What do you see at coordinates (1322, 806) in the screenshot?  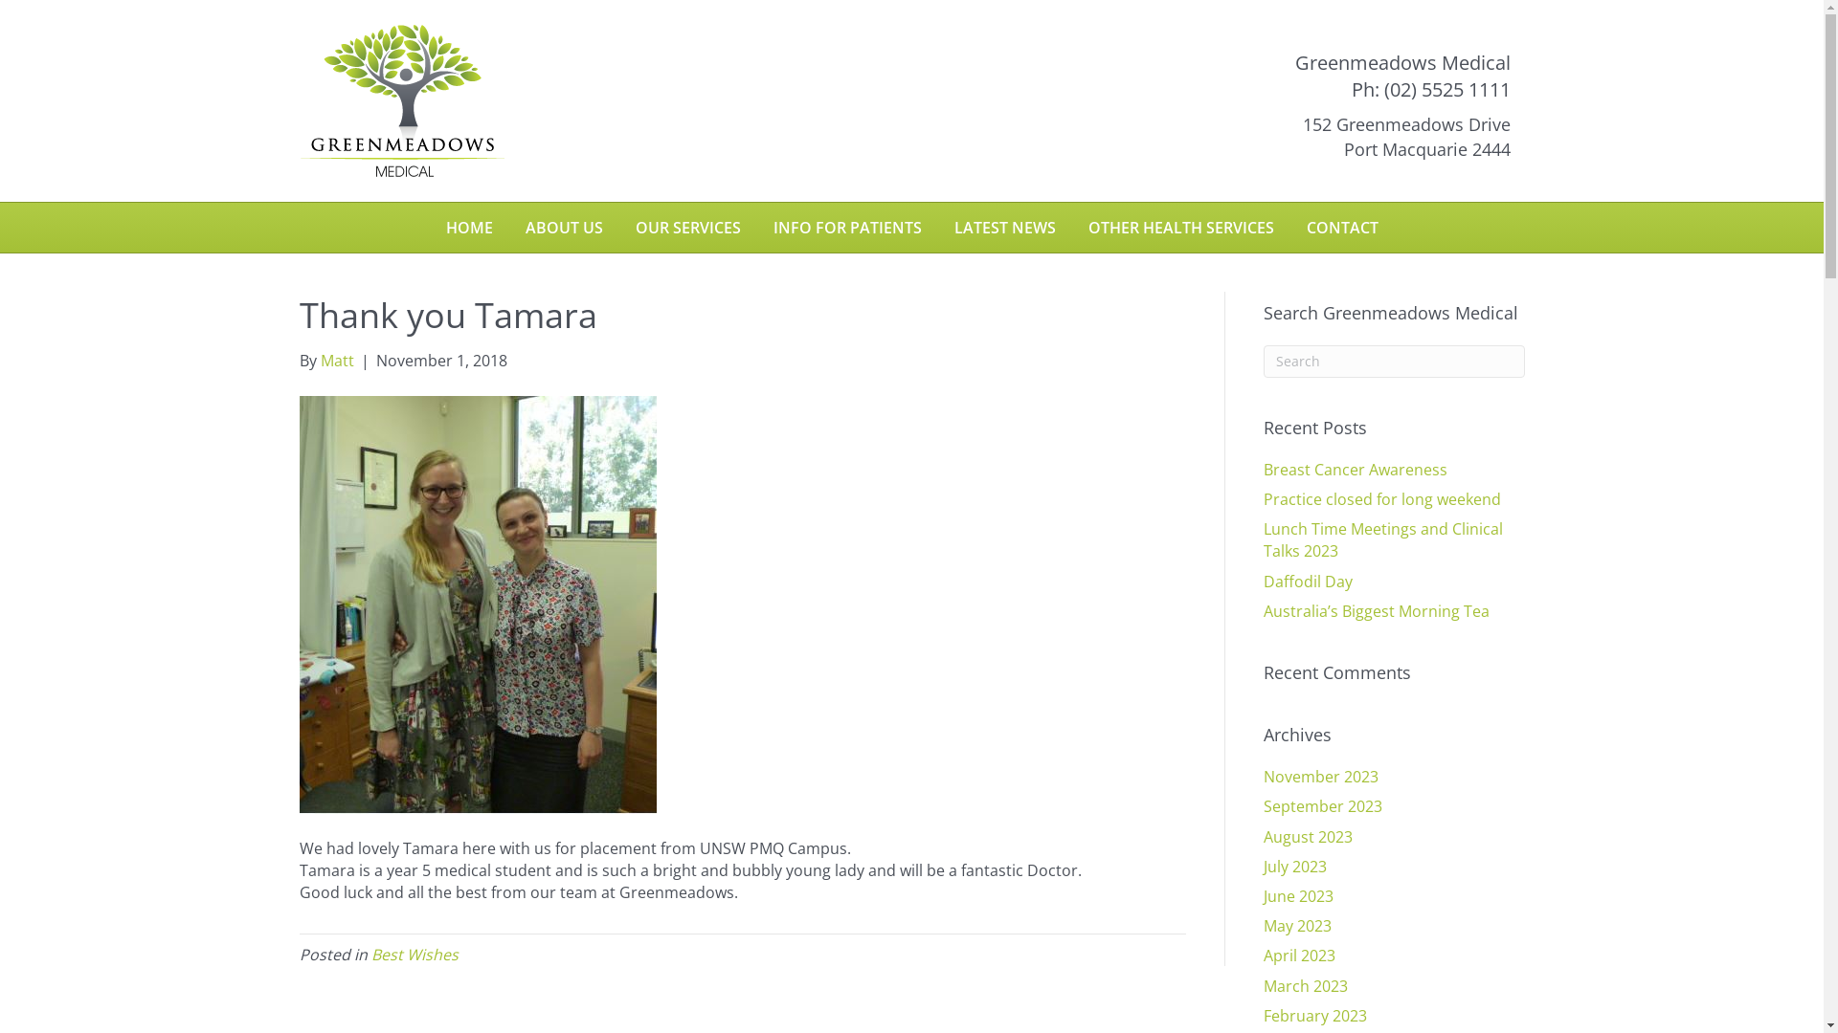 I see `'September 2023'` at bounding box center [1322, 806].